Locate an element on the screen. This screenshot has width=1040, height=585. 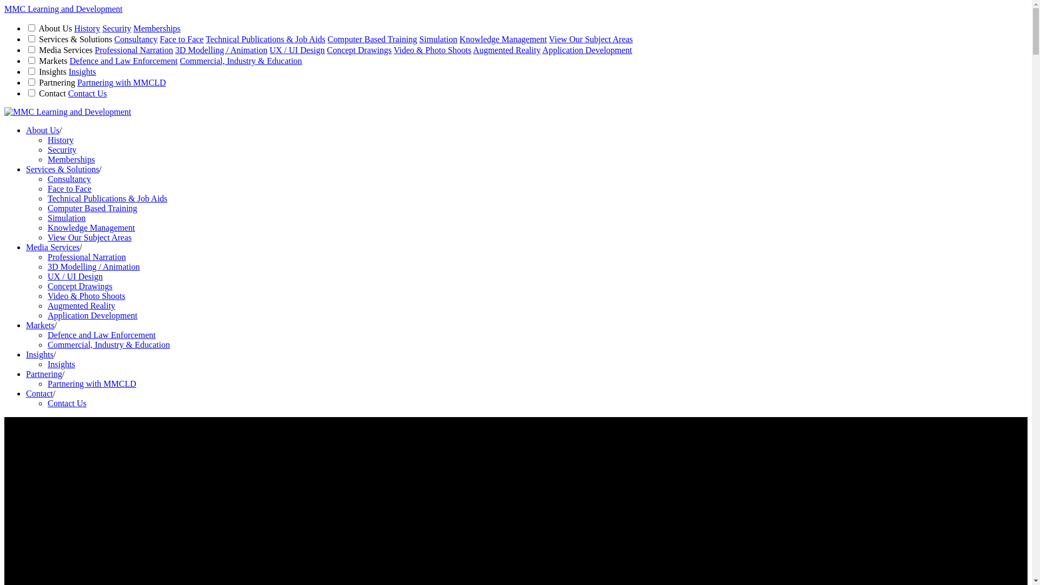
'Consultancy' is located at coordinates (135, 38).